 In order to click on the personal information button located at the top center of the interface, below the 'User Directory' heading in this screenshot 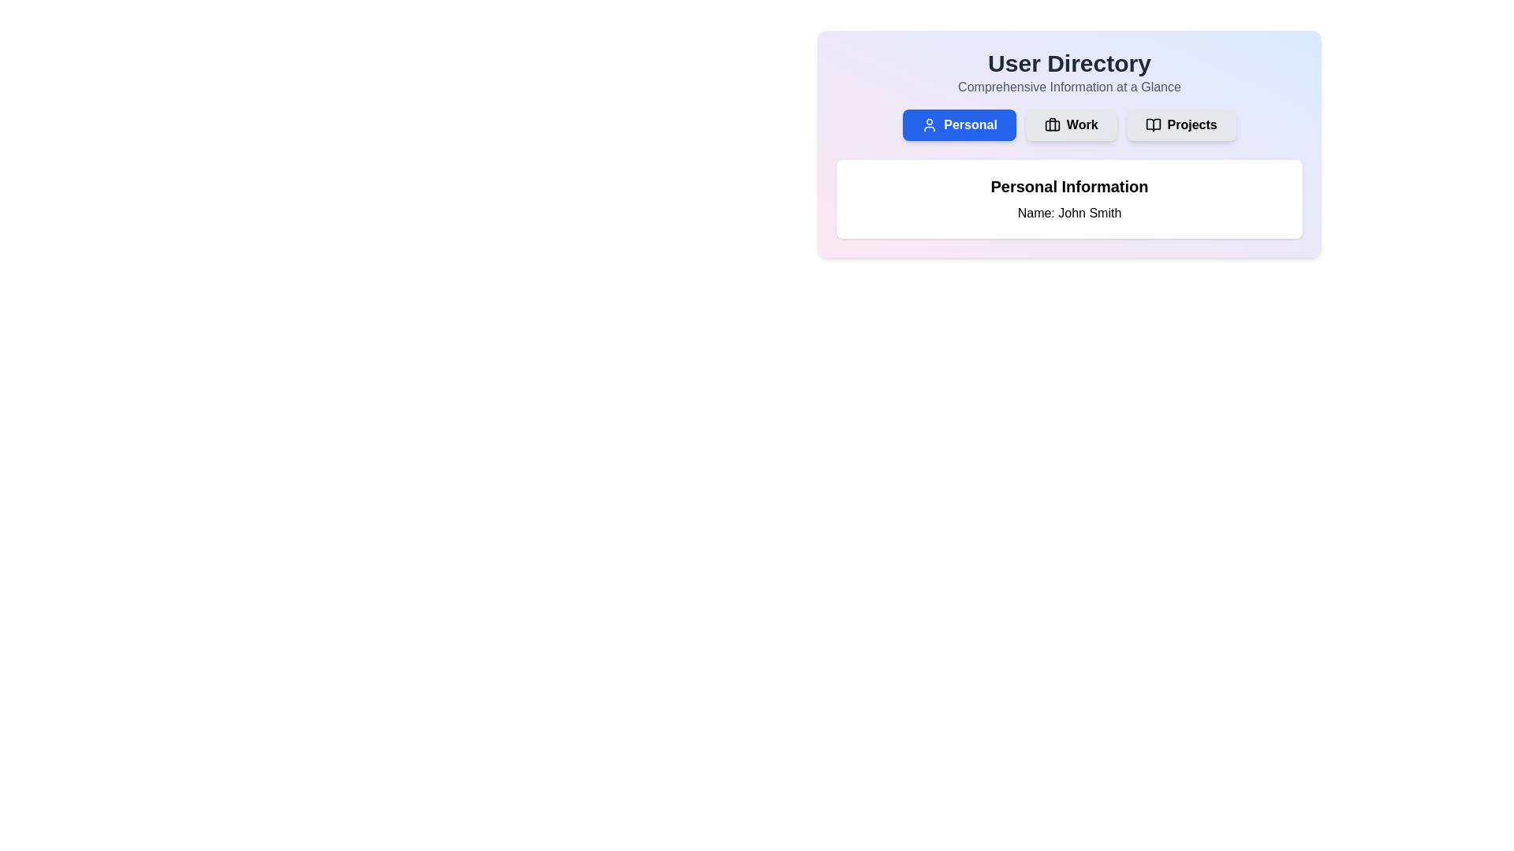, I will do `click(959, 124)`.